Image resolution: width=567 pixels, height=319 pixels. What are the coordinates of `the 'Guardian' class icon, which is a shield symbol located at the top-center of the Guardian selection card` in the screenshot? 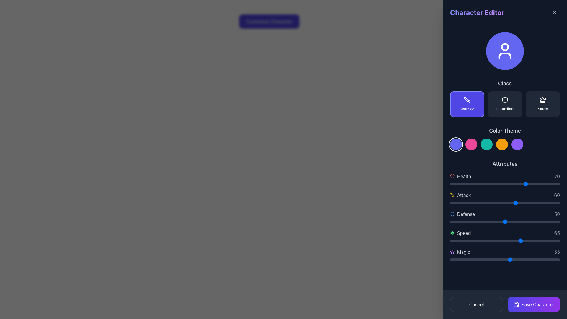 It's located at (504, 100).